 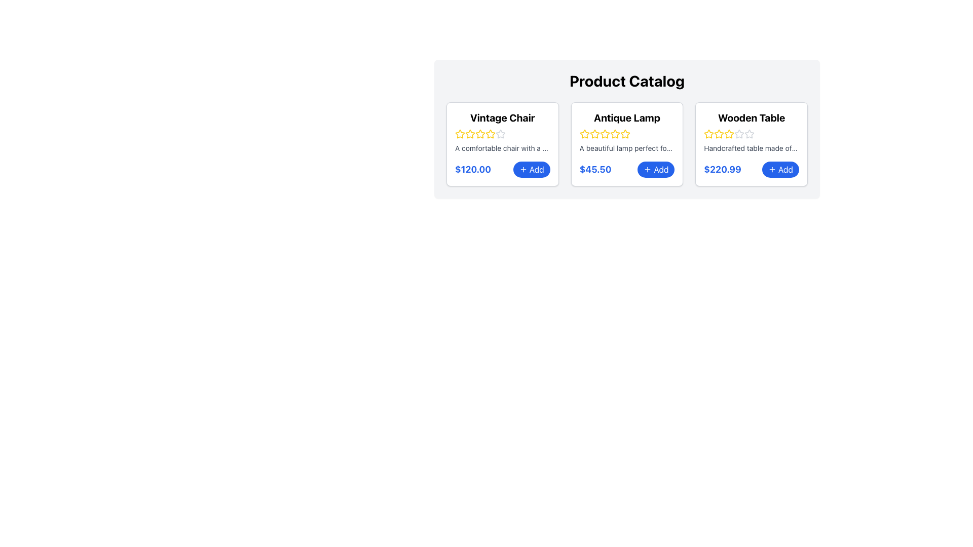 What do you see at coordinates (708, 134) in the screenshot?
I see `the first star icon in the rating indicator for the 'Wooden Table' product to interact with the rating` at bounding box center [708, 134].